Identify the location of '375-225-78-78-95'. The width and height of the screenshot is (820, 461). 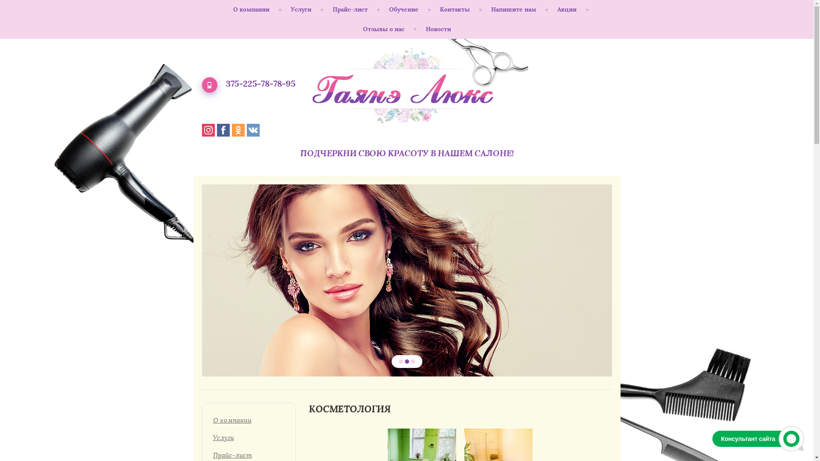
(260, 83).